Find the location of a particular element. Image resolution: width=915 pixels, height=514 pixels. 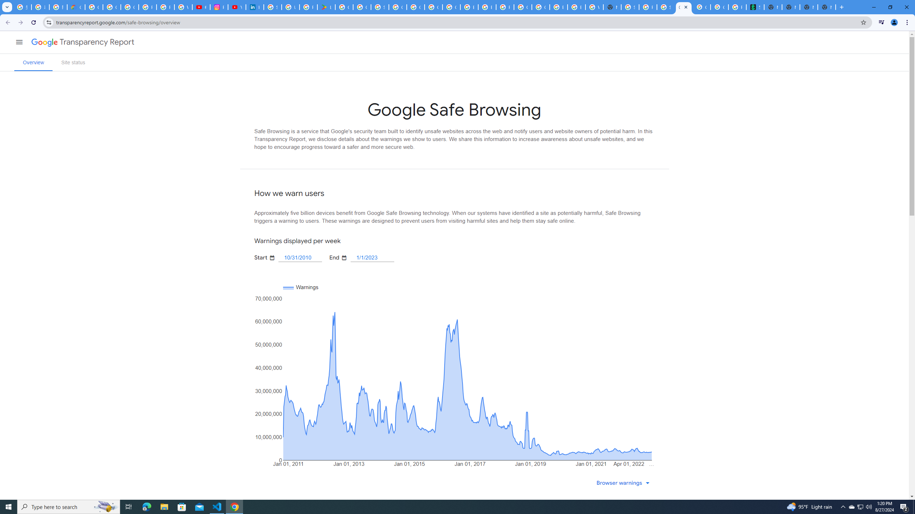

'YouTube Culture & Trends - On The Rise: Handcam Videos' is located at coordinates (237, 7).